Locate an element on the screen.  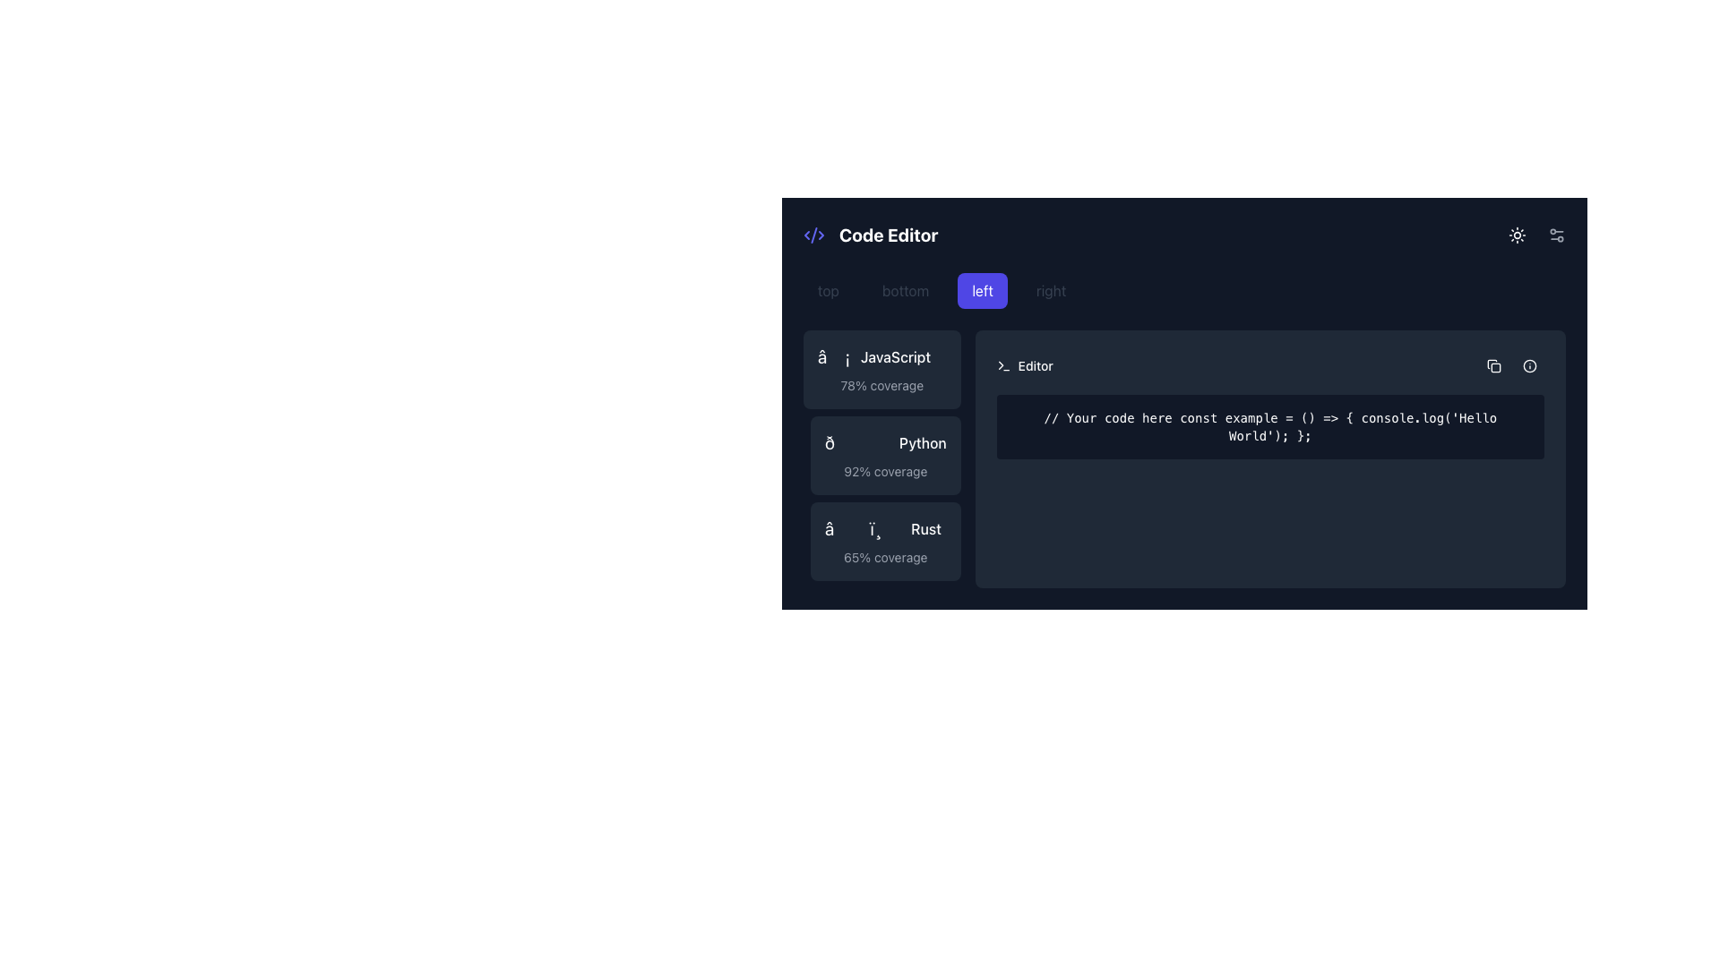
the toggle button and settings button icons located in the top-right corner of the interface for additional visual feedback is located at coordinates (1533, 234).